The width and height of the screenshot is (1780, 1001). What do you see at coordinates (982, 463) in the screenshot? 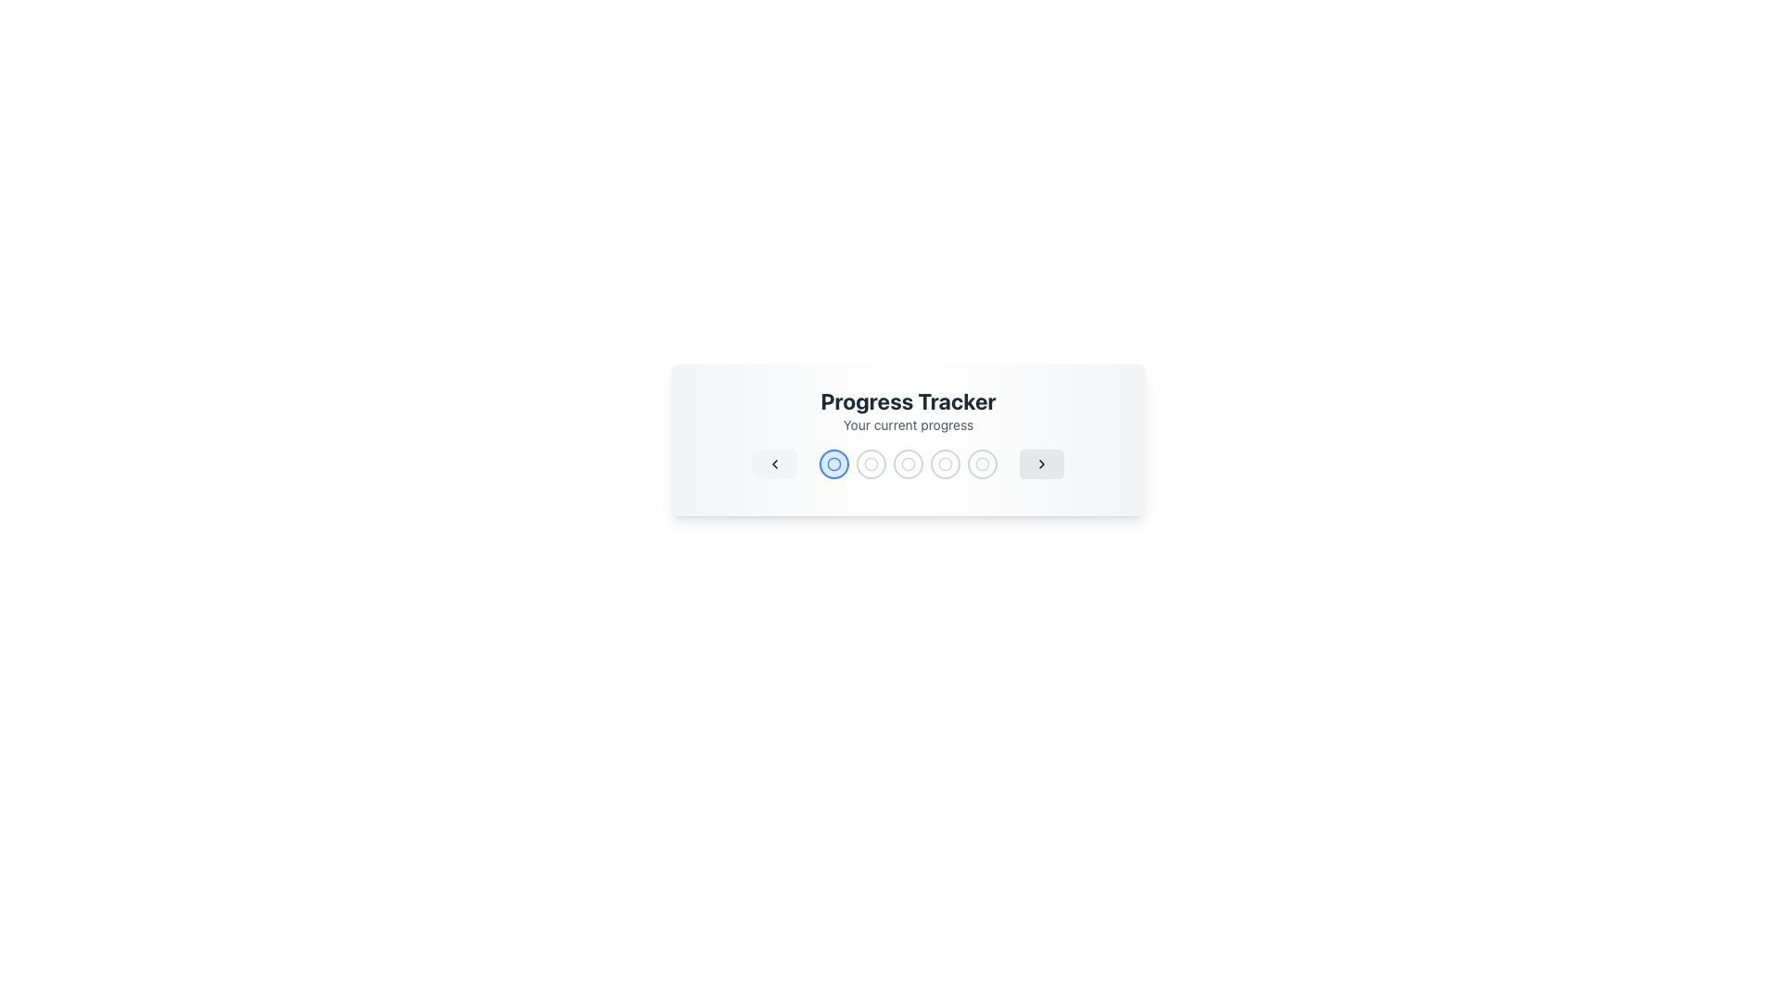
I see `the sixth Progress Indicator Dot, which is a circular UI element with a subtle border and a smaller circle icon centered within it, located below the 'Progress Tracker' title` at bounding box center [982, 463].